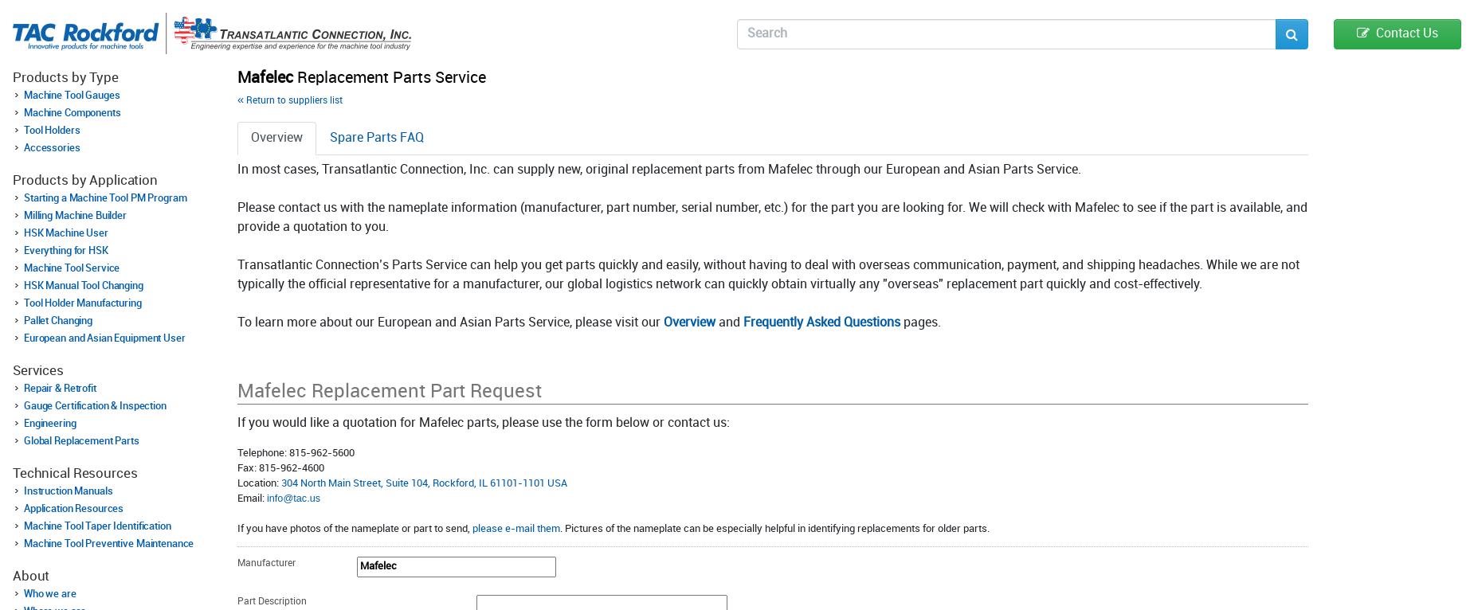 The image size is (1474, 610). I want to click on 'Machine Tool Gauges', so click(70, 96).